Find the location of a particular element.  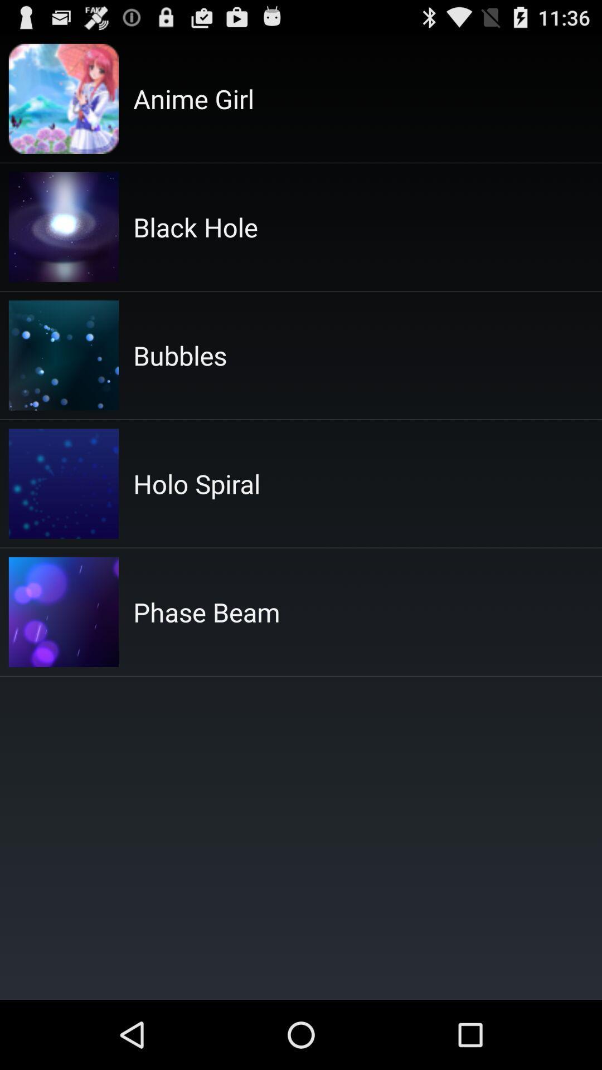

the phase beam icon is located at coordinates (206, 611).